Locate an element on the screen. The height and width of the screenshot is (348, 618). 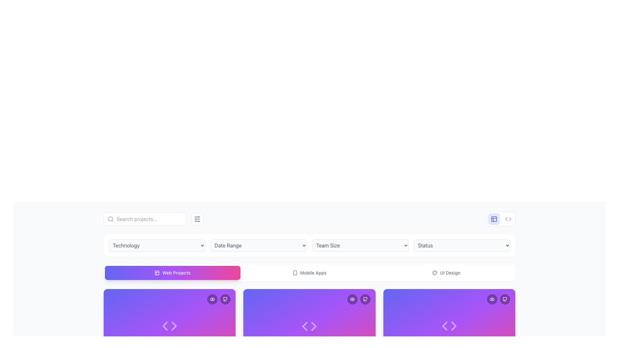
the graphical icon representing a code-related action, which is a minimalist design with two triangular arrows pointing outward, for interface rearrangement is located at coordinates (449, 326).